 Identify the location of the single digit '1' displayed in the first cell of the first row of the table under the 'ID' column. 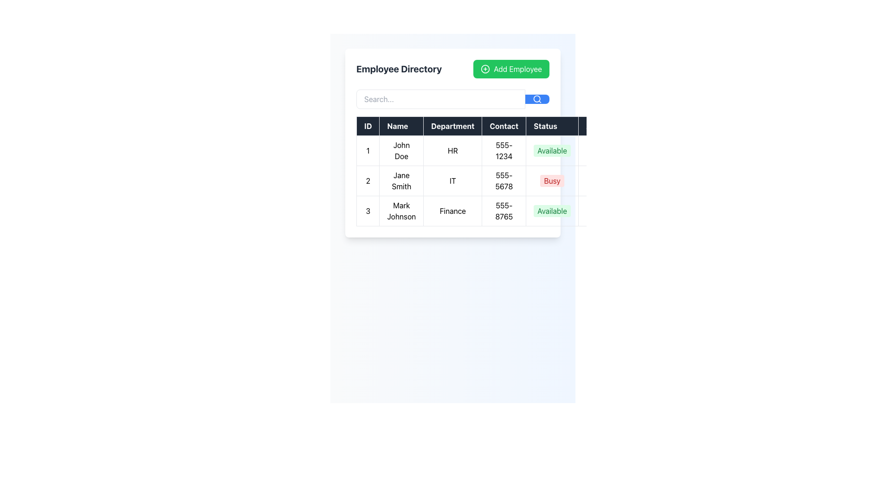
(368, 150).